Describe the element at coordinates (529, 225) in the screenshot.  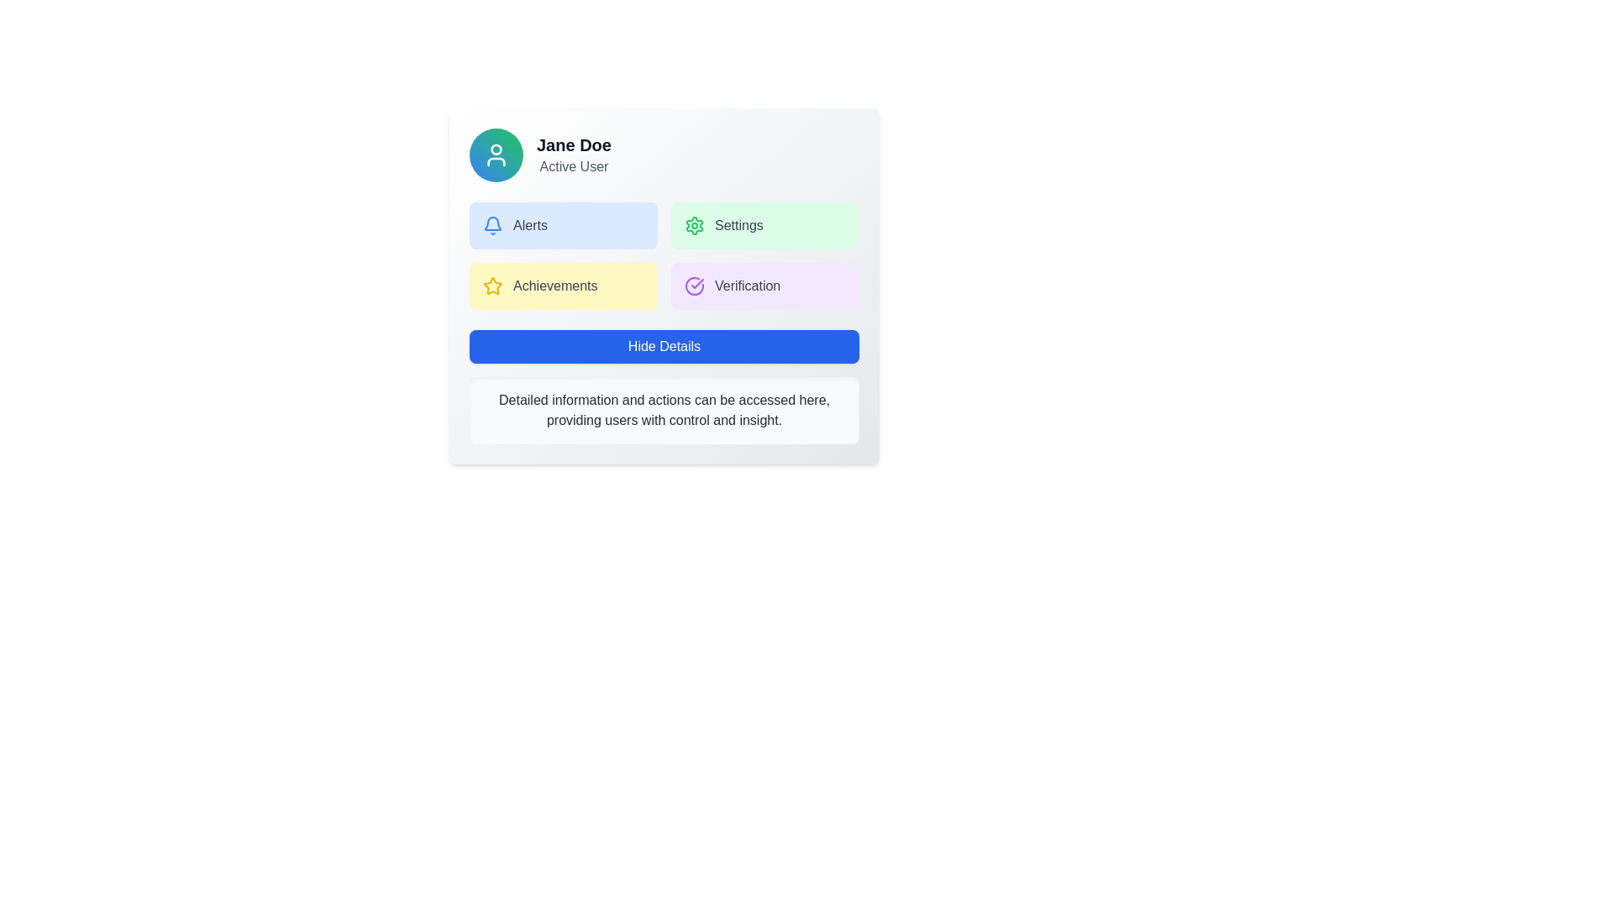
I see `the 'Alerts' label that displays the text in gray color against a light blue background, positioned to the right of a blue bell icon` at that location.